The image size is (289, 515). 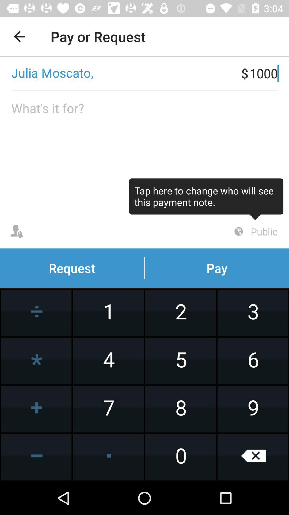 I want to click on the item to the right of the request icon, so click(x=255, y=231).